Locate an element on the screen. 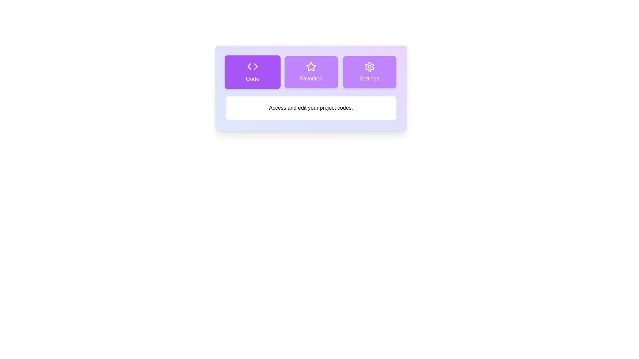 This screenshot has height=359, width=639. the 'Favorites' label, which is styled in white font on a purple background and located beneath a star icon in the second card is located at coordinates (311, 78).